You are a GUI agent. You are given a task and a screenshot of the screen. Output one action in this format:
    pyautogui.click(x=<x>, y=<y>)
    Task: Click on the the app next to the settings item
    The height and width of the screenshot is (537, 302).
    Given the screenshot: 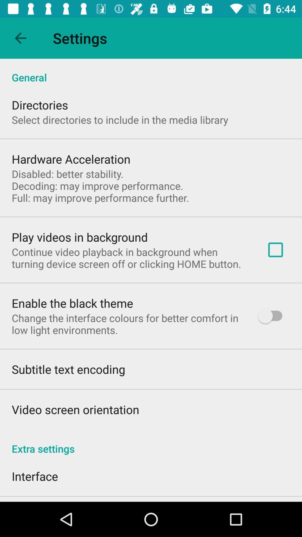 What is the action you would take?
    pyautogui.click(x=20, y=38)
    